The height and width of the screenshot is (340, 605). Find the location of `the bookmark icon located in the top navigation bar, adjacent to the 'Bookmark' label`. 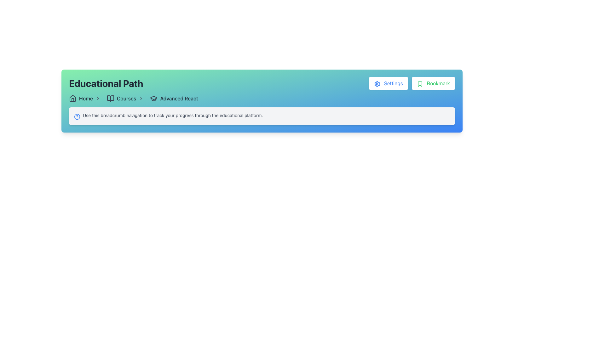

the bookmark icon located in the top navigation bar, adjacent to the 'Bookmark' label is located at coordinates (420, 83).